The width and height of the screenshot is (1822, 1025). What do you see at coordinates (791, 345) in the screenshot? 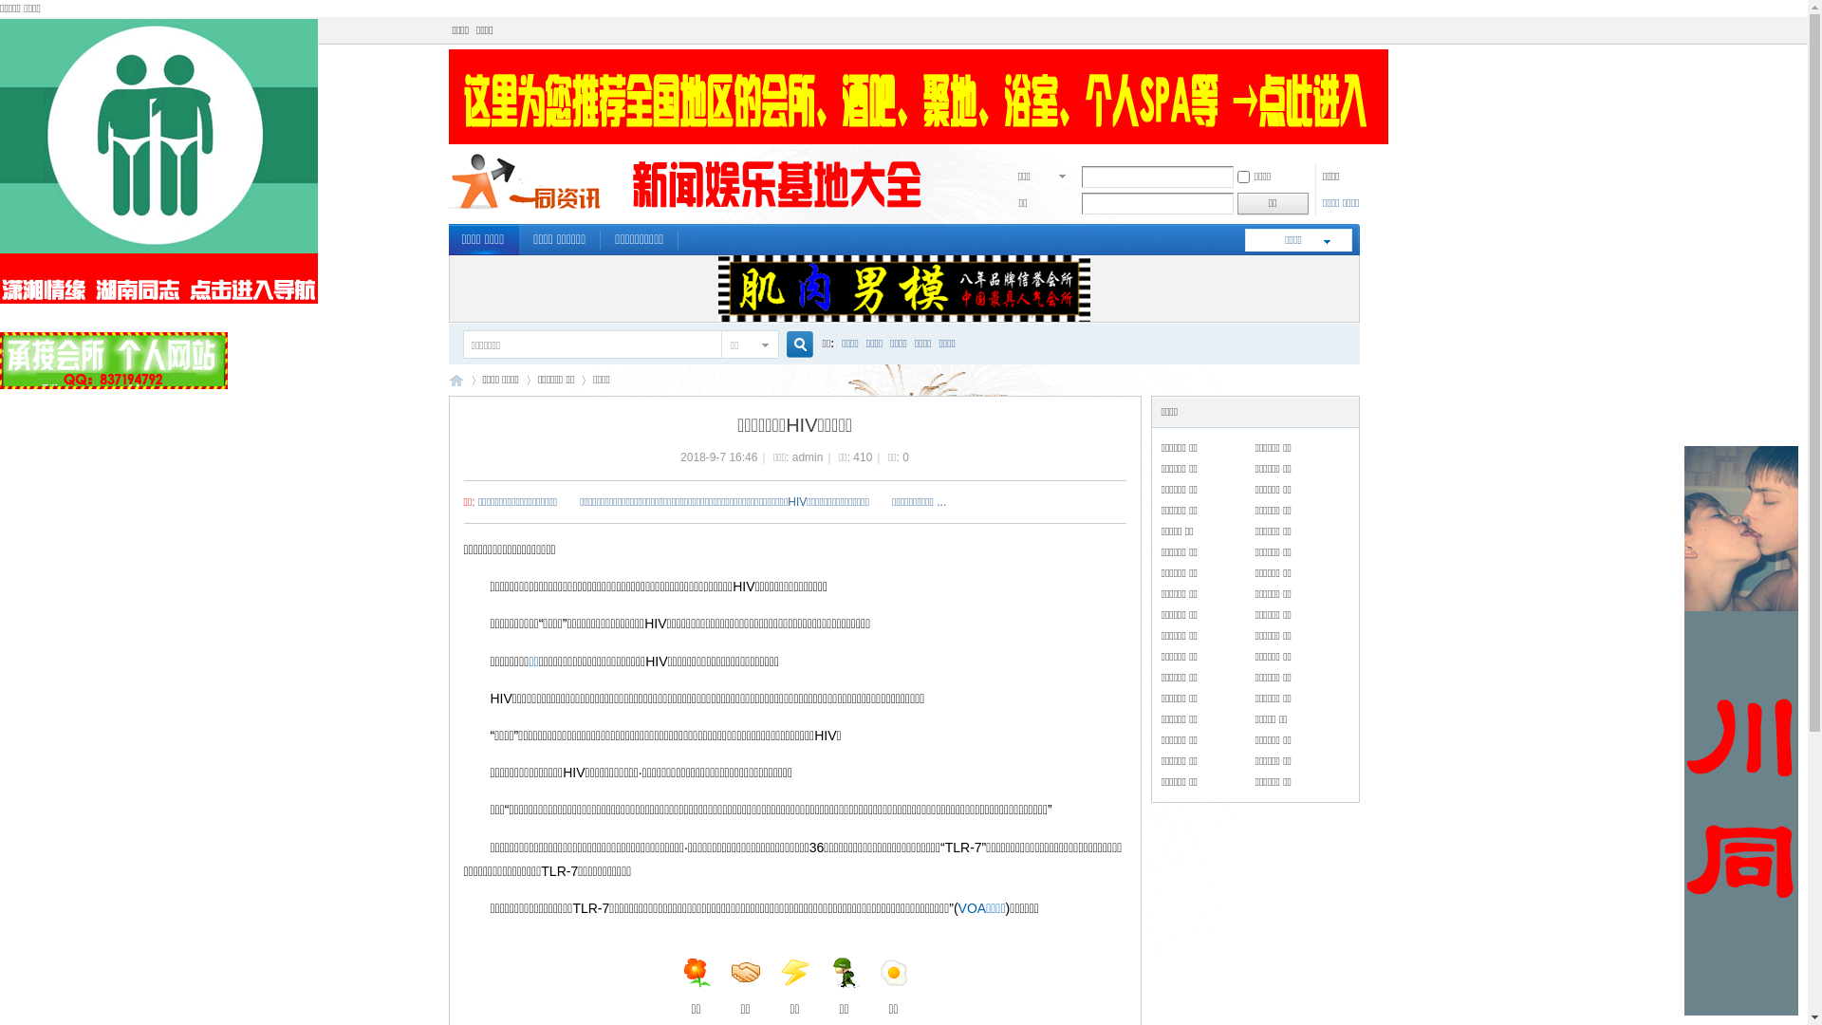
I see `'true'` at bounding box center [791, 345].